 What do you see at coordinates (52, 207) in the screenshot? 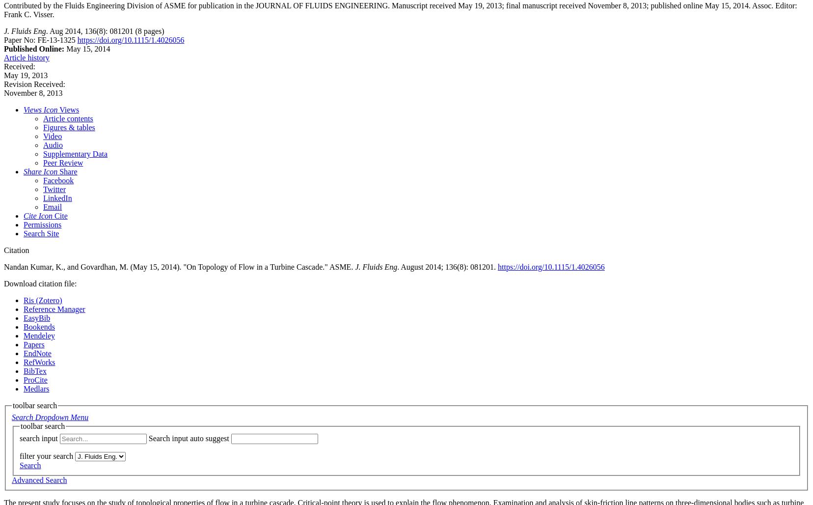
I see `'Email'` at bounding box center [52, 207].